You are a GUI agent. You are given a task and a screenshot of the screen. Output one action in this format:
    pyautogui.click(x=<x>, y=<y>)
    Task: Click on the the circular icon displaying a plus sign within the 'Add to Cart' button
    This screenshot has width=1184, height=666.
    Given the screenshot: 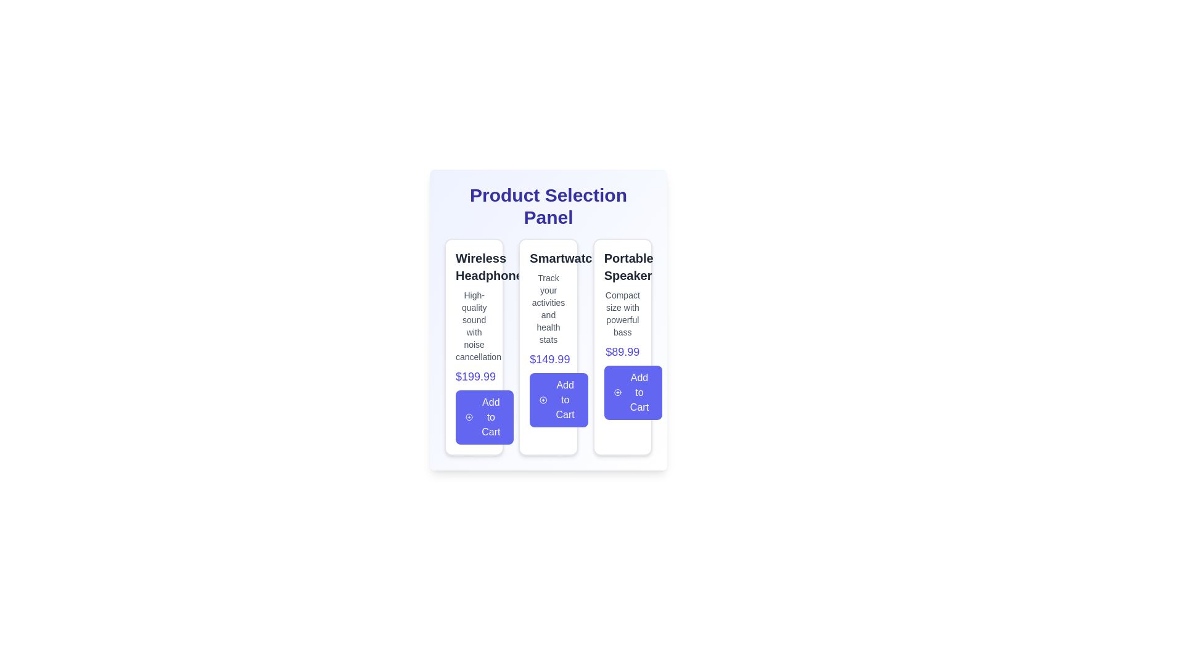 What is the action you would take?
    pyautogui.click(x=543, y=400)
    